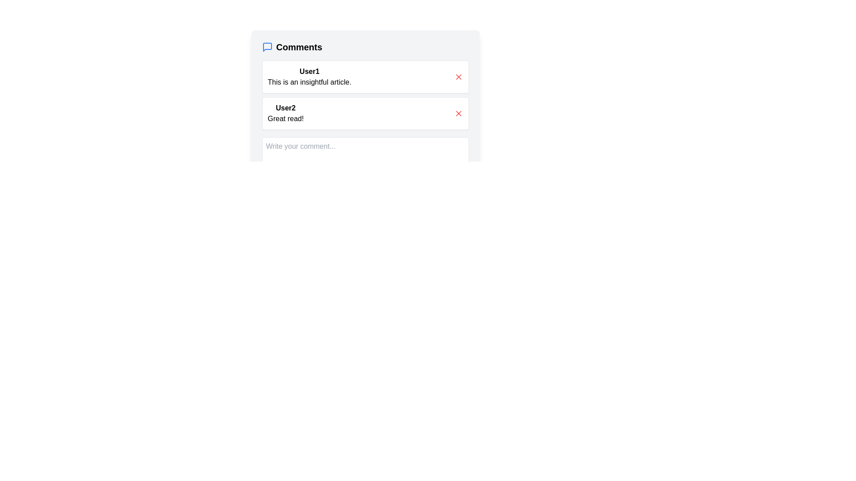 This screenshot has width=856, height=481. Describe the element at coordinates (458, 113) in the screenshot. I see `the delete button located to the right of the comment 'Great read!' in the comments section, which allows users to delete or remove the respective comment` at that location.